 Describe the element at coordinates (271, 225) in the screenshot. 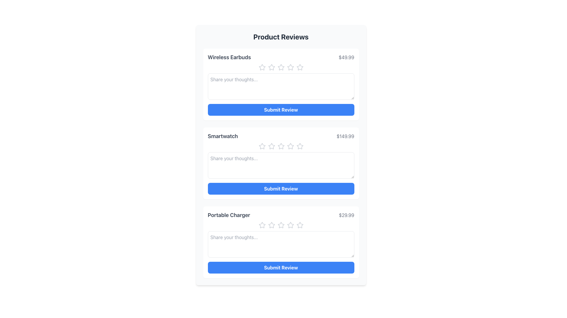

I see `the second star icon in the rating system for the 'Portable Charger' review` at that location.